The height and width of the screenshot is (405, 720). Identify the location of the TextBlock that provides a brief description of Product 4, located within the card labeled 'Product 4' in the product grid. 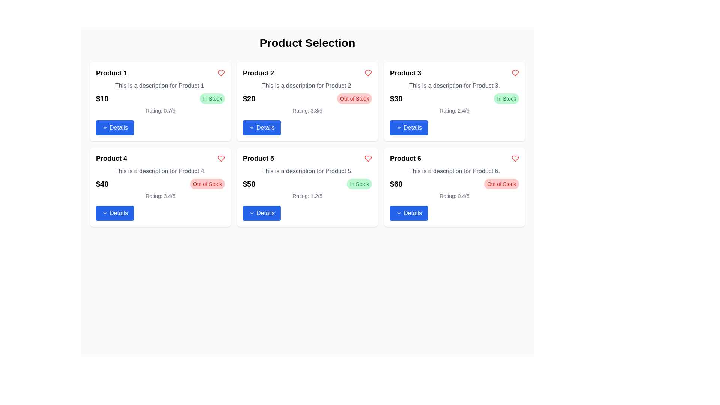
(160, 171).